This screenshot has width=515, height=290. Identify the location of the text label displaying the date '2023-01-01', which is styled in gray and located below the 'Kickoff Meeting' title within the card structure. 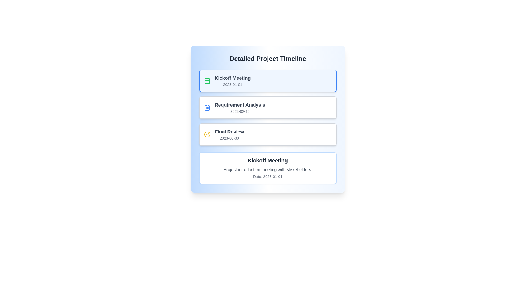
(233, 85).